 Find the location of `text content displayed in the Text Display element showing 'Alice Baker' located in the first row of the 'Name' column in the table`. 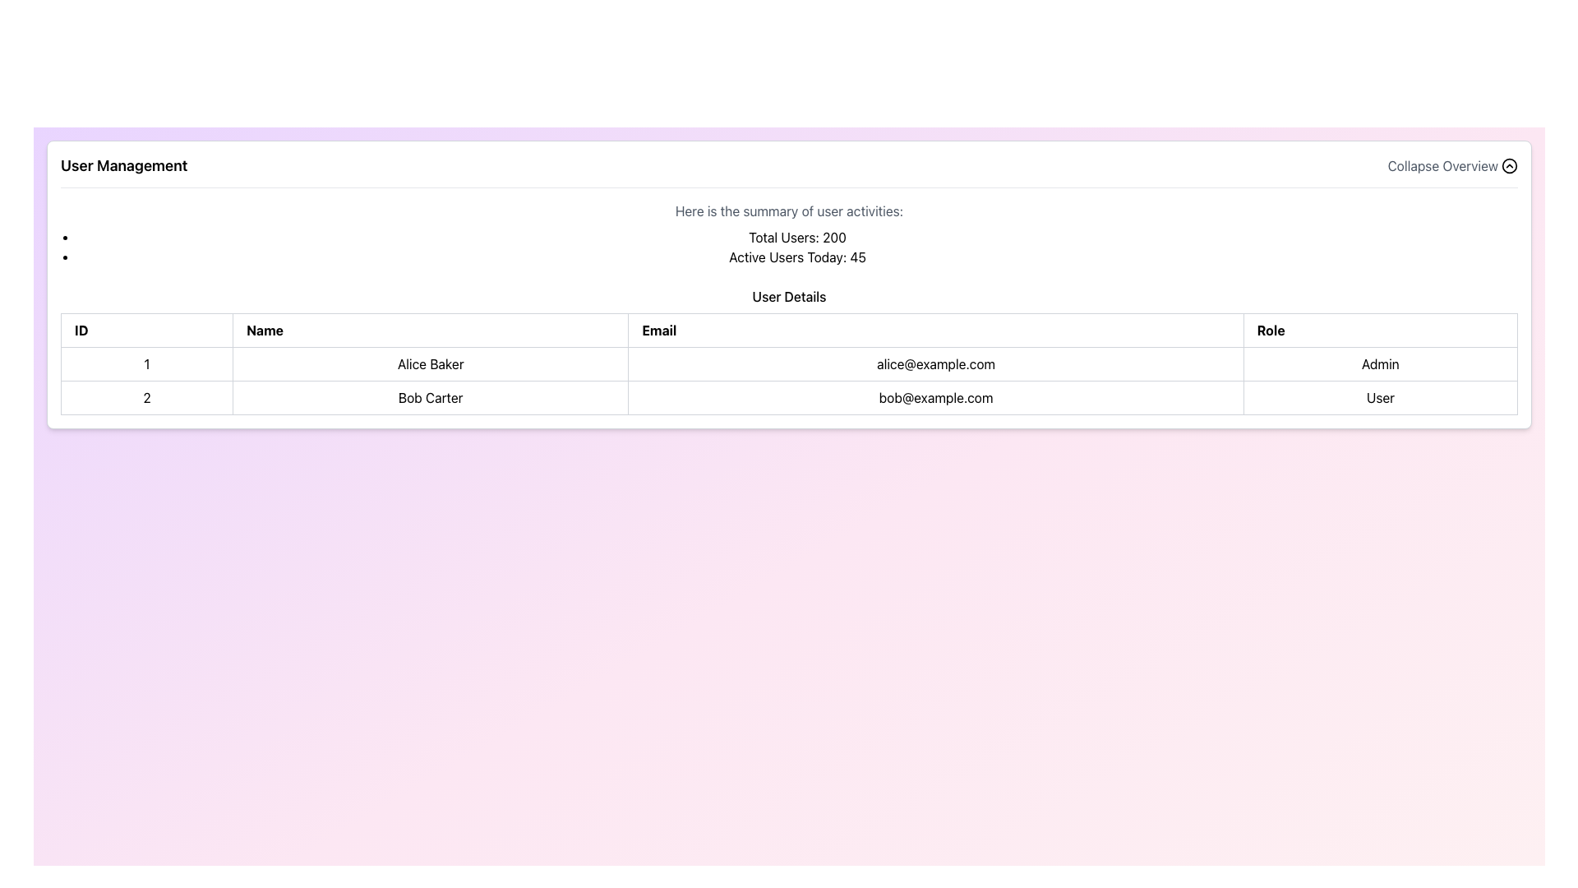

text content displayed in the Text Display element showing 'Alice Baker' located in the first row of the 'Name' column in the table is located at coordinates (431, 363).